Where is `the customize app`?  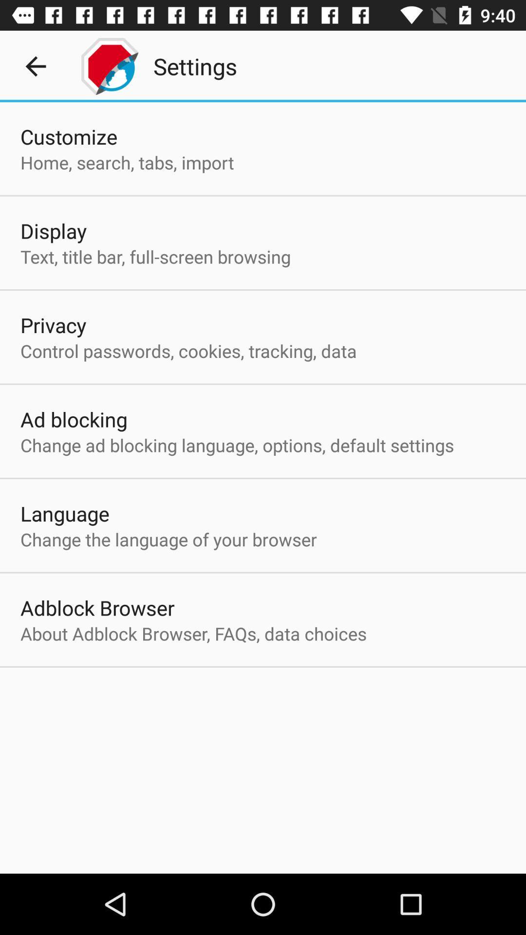
the customize app is located at coordinates (68, 136).